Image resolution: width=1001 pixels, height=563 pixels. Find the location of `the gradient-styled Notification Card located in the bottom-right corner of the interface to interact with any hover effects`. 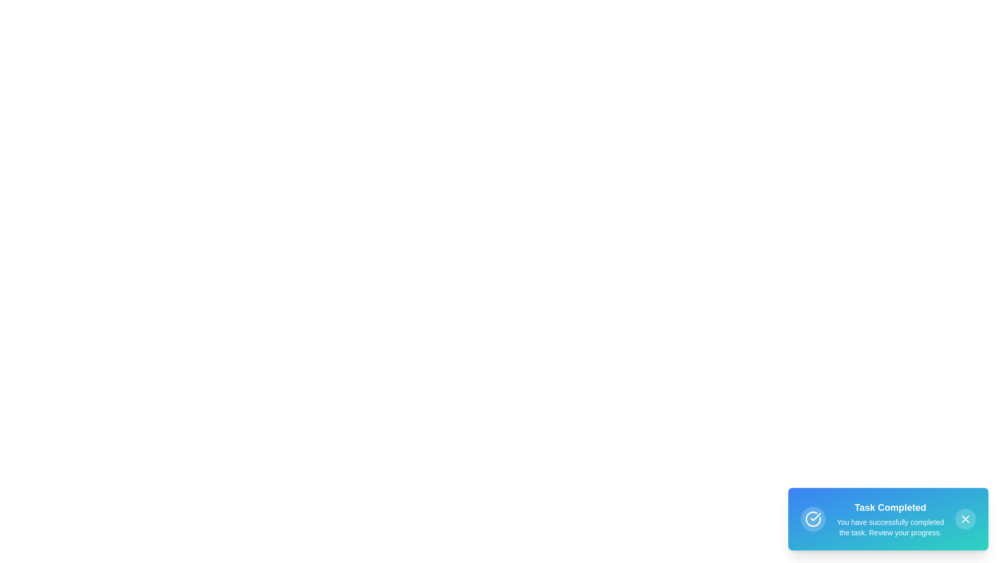

the gradient-styled Notification Card located in the bottom-right corner of the interface to interact with any hover effects is located at coordinates (888, 519).